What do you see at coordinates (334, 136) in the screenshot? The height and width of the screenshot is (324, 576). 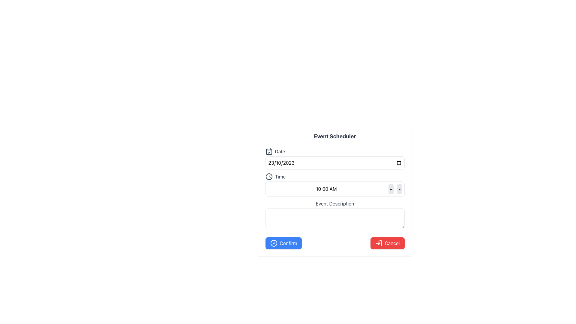 I see `the Text Label that serves as the title for the event scheduling interface, which is positioned at the top of the card and centered horizontally` at bounding box center [334, 136].